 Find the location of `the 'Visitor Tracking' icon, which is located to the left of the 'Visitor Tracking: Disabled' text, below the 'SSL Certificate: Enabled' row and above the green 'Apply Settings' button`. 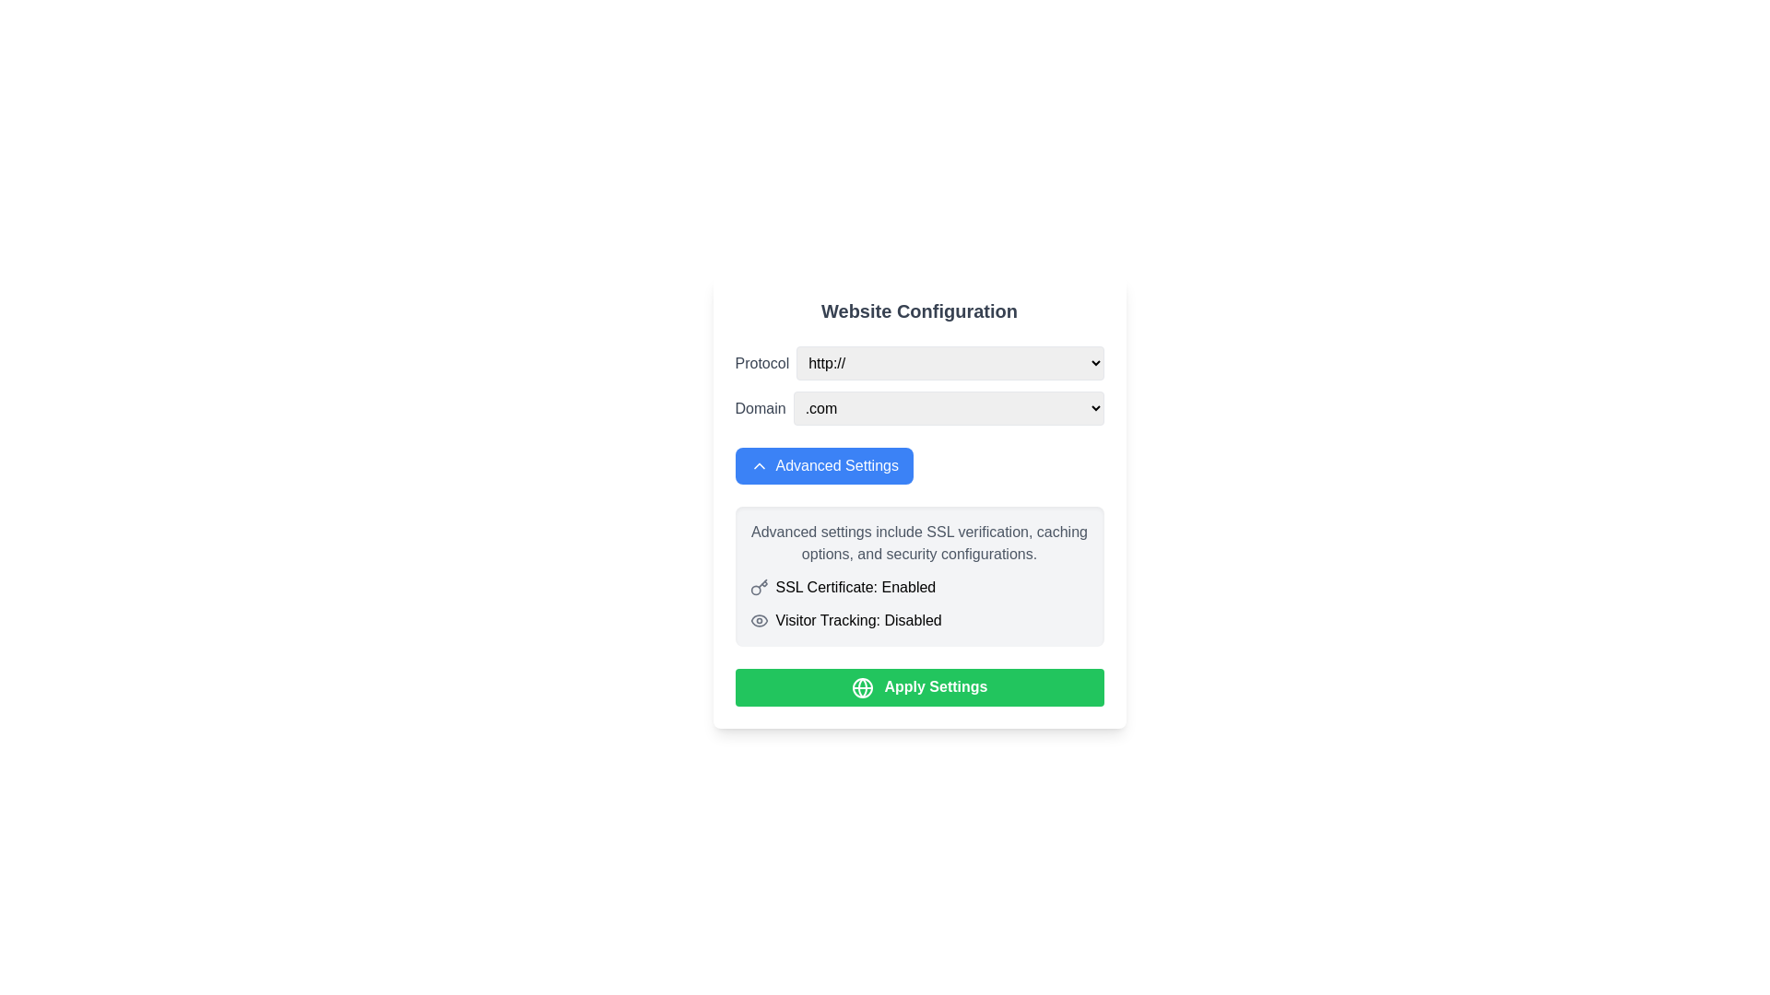

the 'Visitor Tracking' icon, which is located to the left of the 'Visitor Tracking: Disabled' text, below the 'SSL Certificate: Enabled' row and above the green 'Apply Settings' button is located at coordinates (759, 621).